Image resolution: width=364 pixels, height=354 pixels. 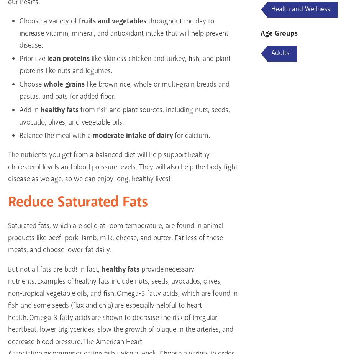 What do you see at coordinates (124, 64) in the screenshot?
I see `'like skinless chicken and turkey, fish, and plant proteins like nuts and legumes.'` at bounding box center [124, 64].